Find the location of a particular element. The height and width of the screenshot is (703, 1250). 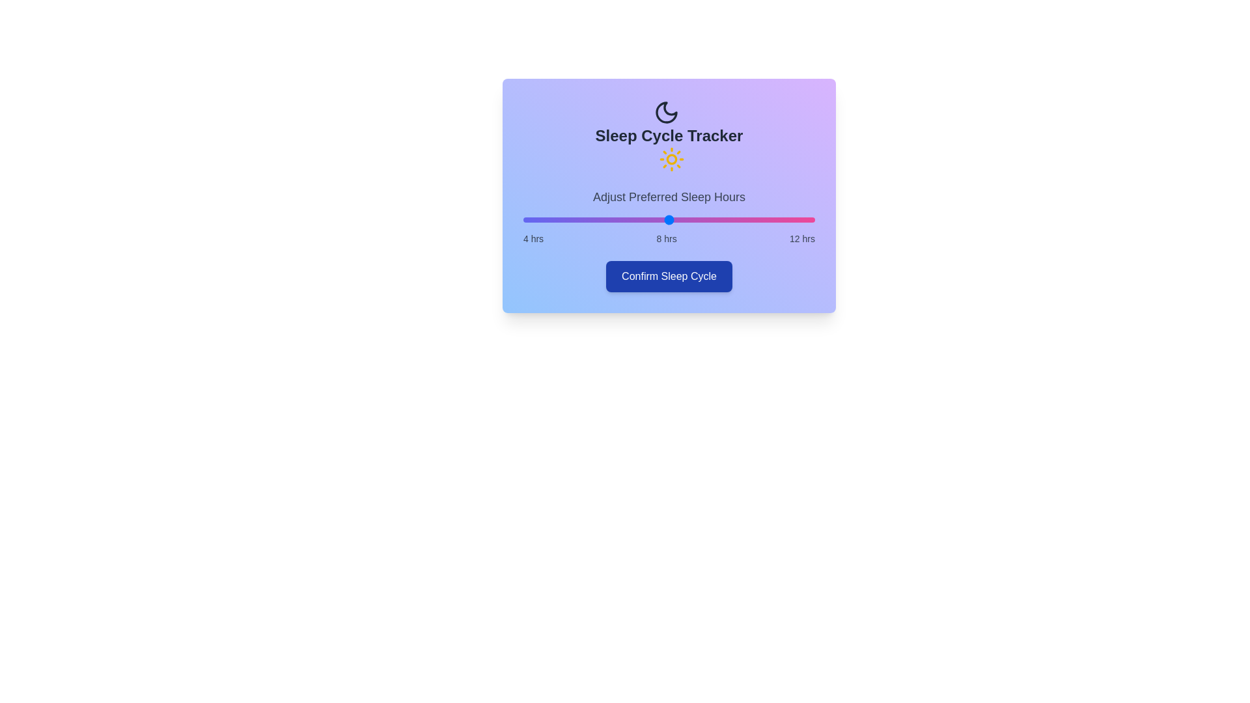

the sleep hours slider to 7 hours is located at coordinates (632, 219).